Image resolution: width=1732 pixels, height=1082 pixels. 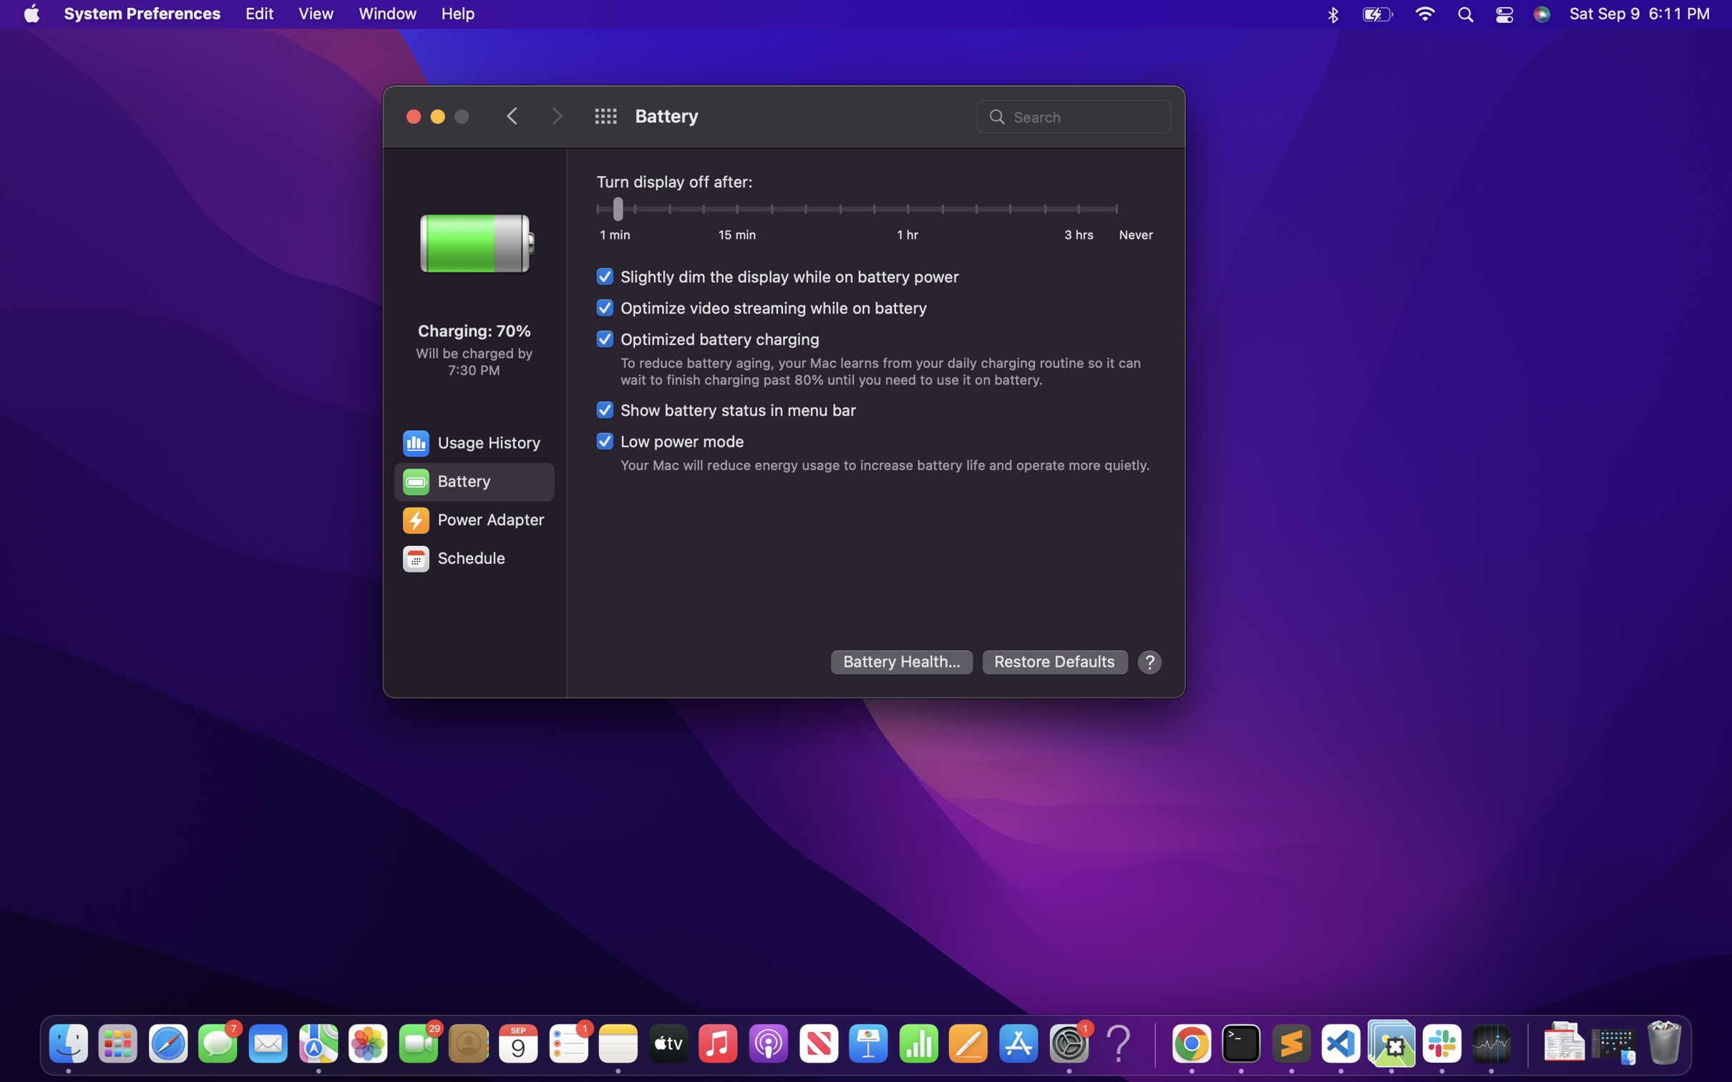 What do you see at coordinates (513, 114) in the screenshot?
I see `Return to the preceding page of settings` at bounding box center [513, 114].